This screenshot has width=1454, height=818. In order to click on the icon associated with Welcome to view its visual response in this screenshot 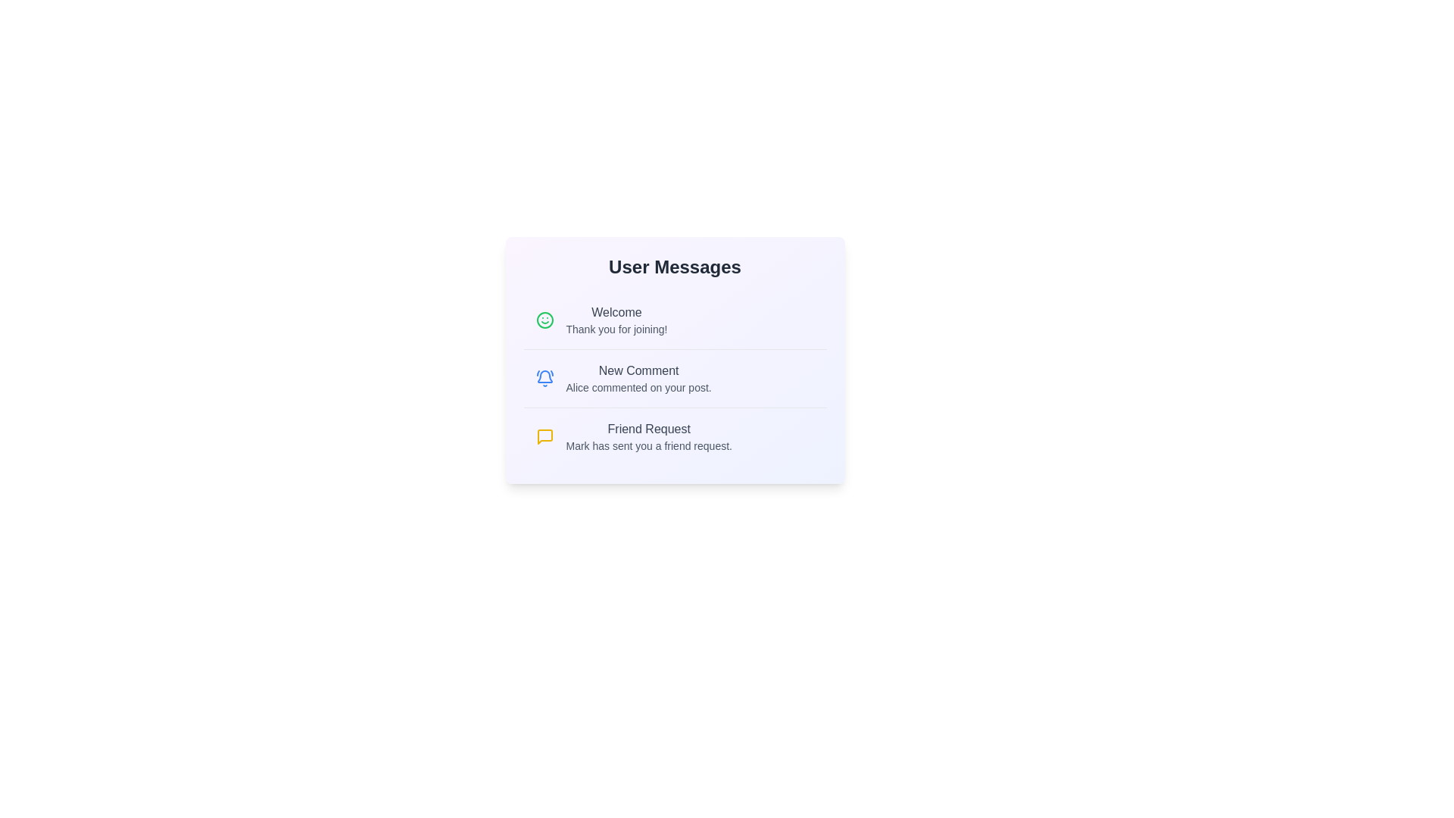, I will do `click(544, 320)`.